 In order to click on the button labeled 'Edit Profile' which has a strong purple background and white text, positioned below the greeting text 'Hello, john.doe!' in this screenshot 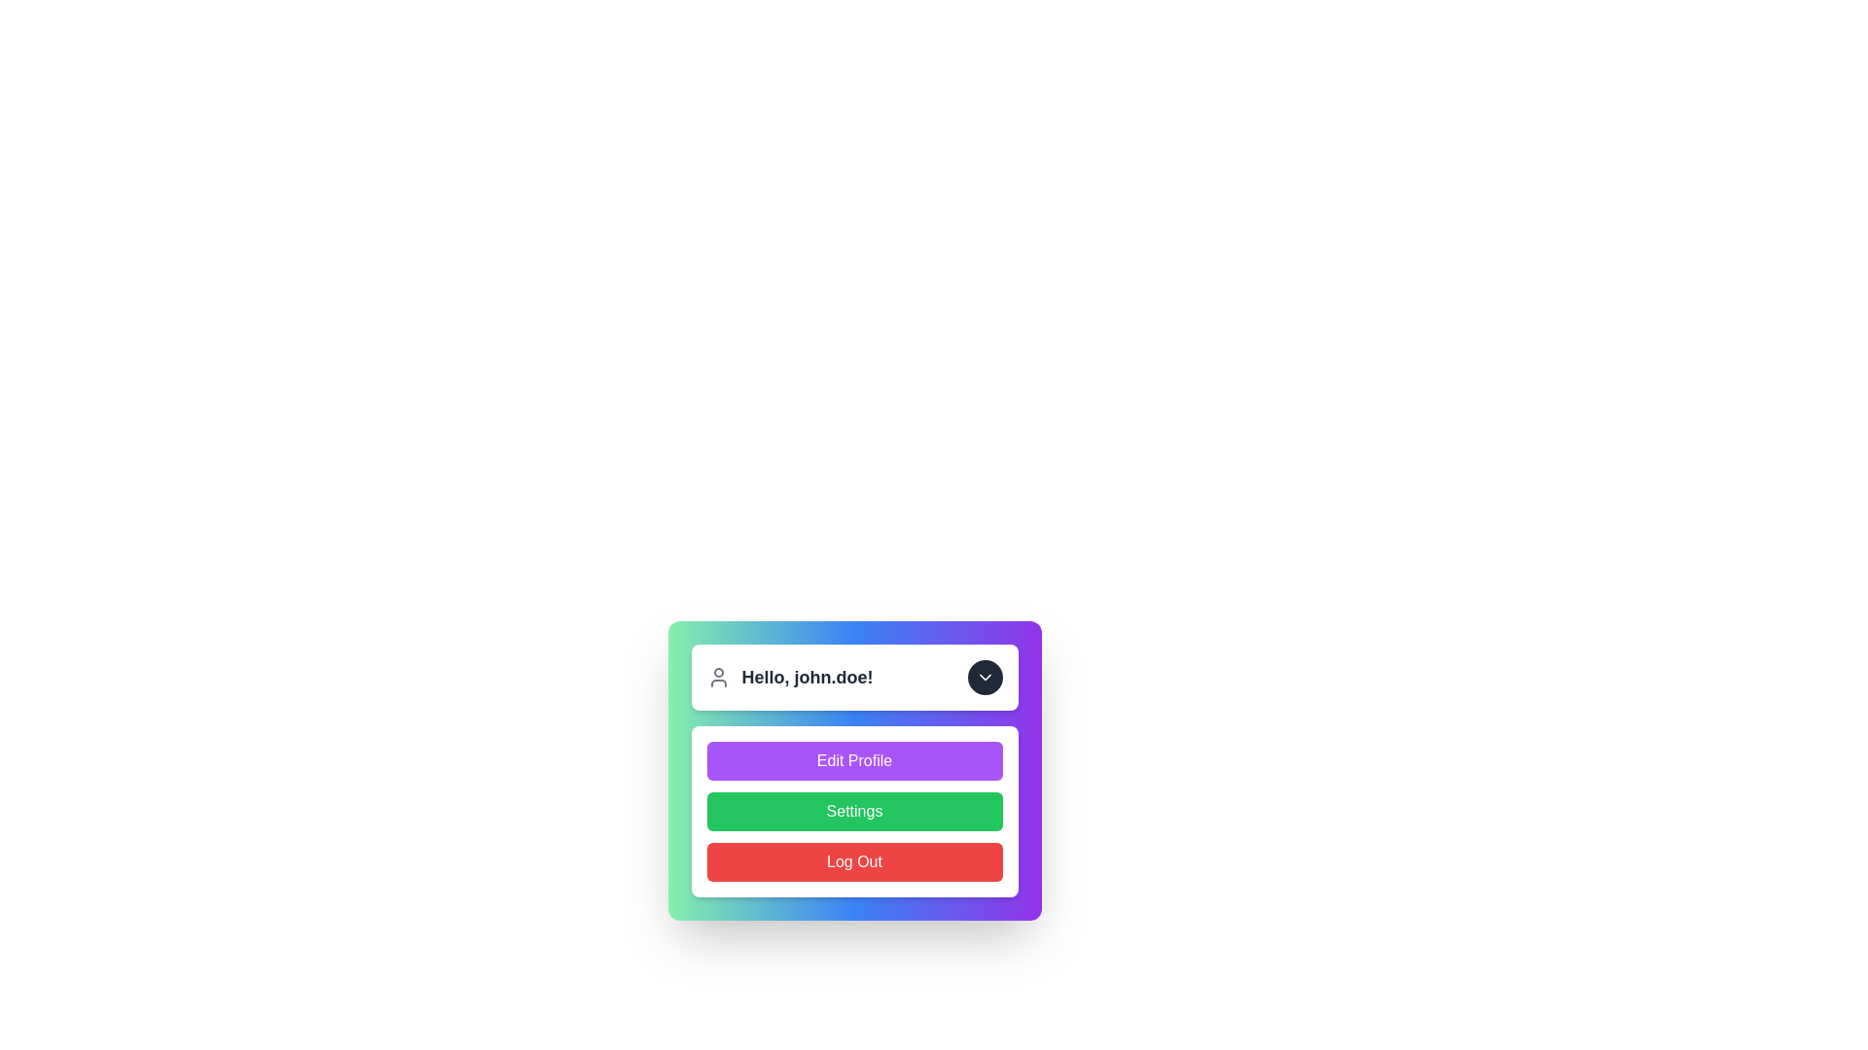, I will do `click(854, 770)`.